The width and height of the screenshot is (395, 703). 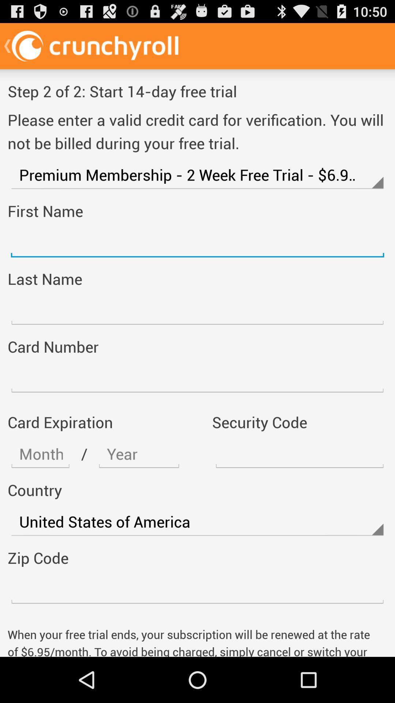 I want to click on year option field, so click(x=139, y=454).